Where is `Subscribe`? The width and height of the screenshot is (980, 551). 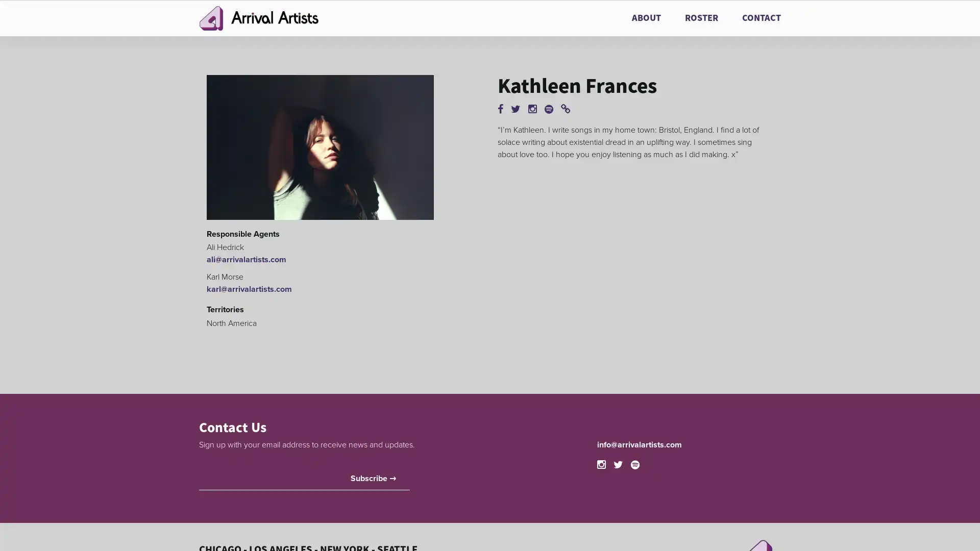 Subscribe is located at coordinates (372, 478).